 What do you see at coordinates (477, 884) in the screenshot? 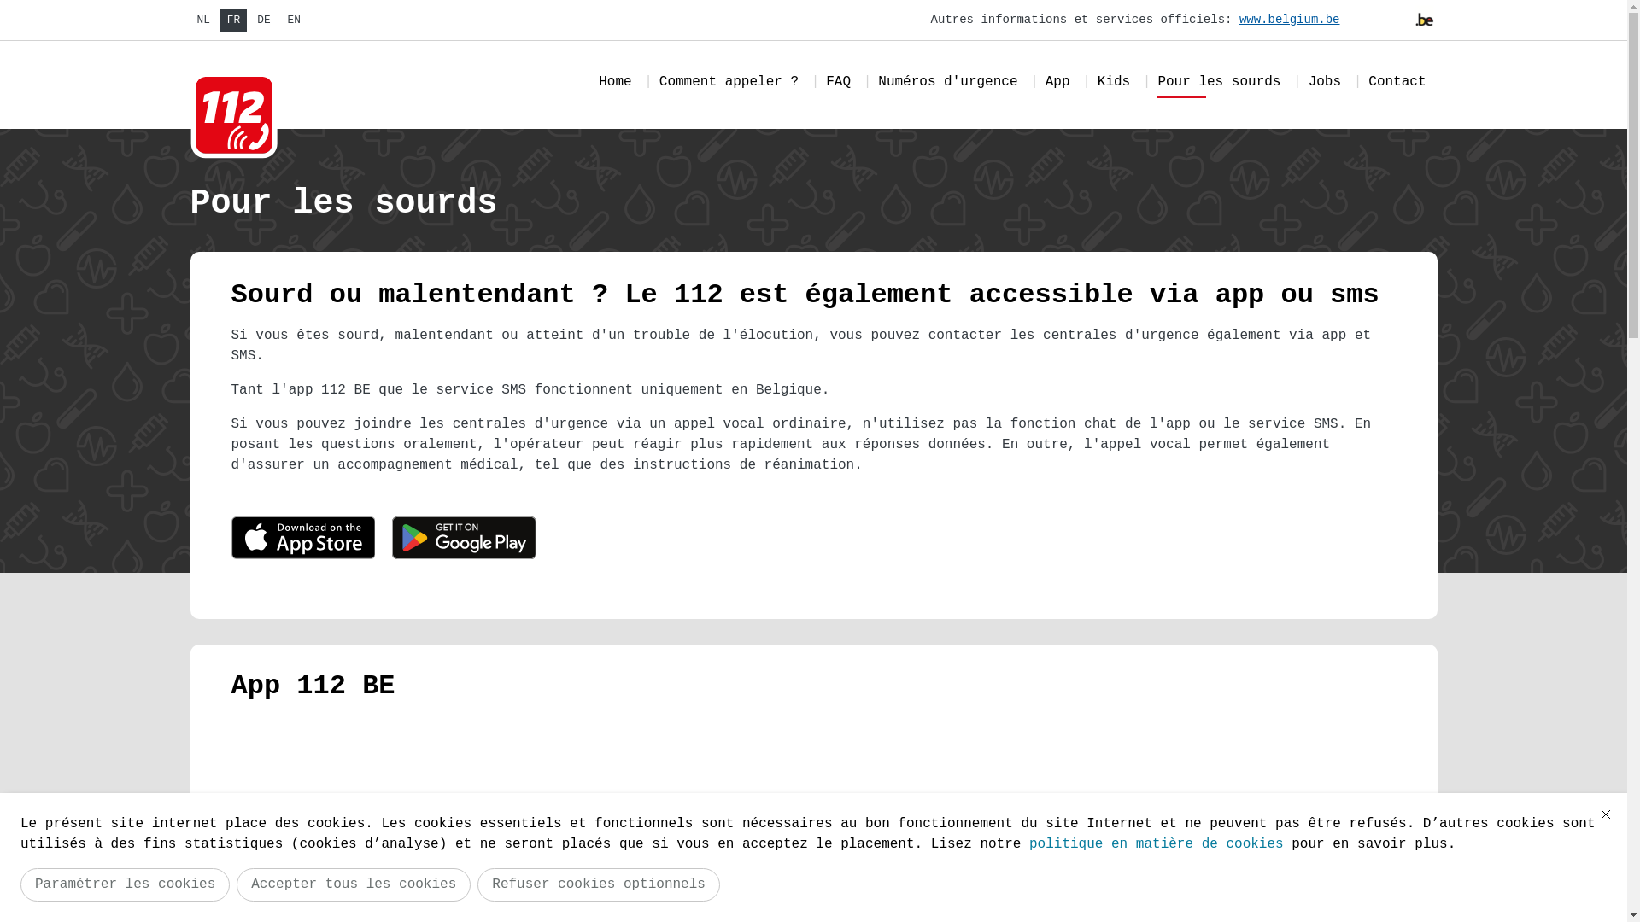
I see `'Refuser cookies optionnels'` at bounding box center [477, 884].